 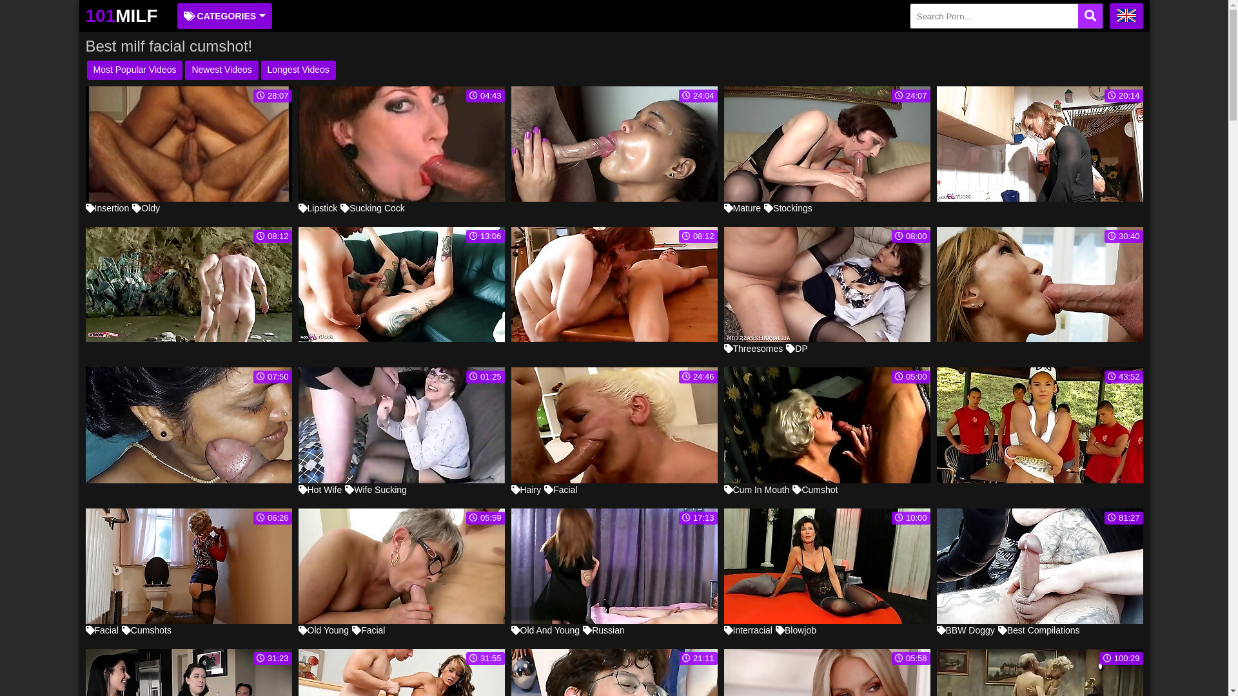 I want to click on 'Insertion', so click(x=107, y=208).